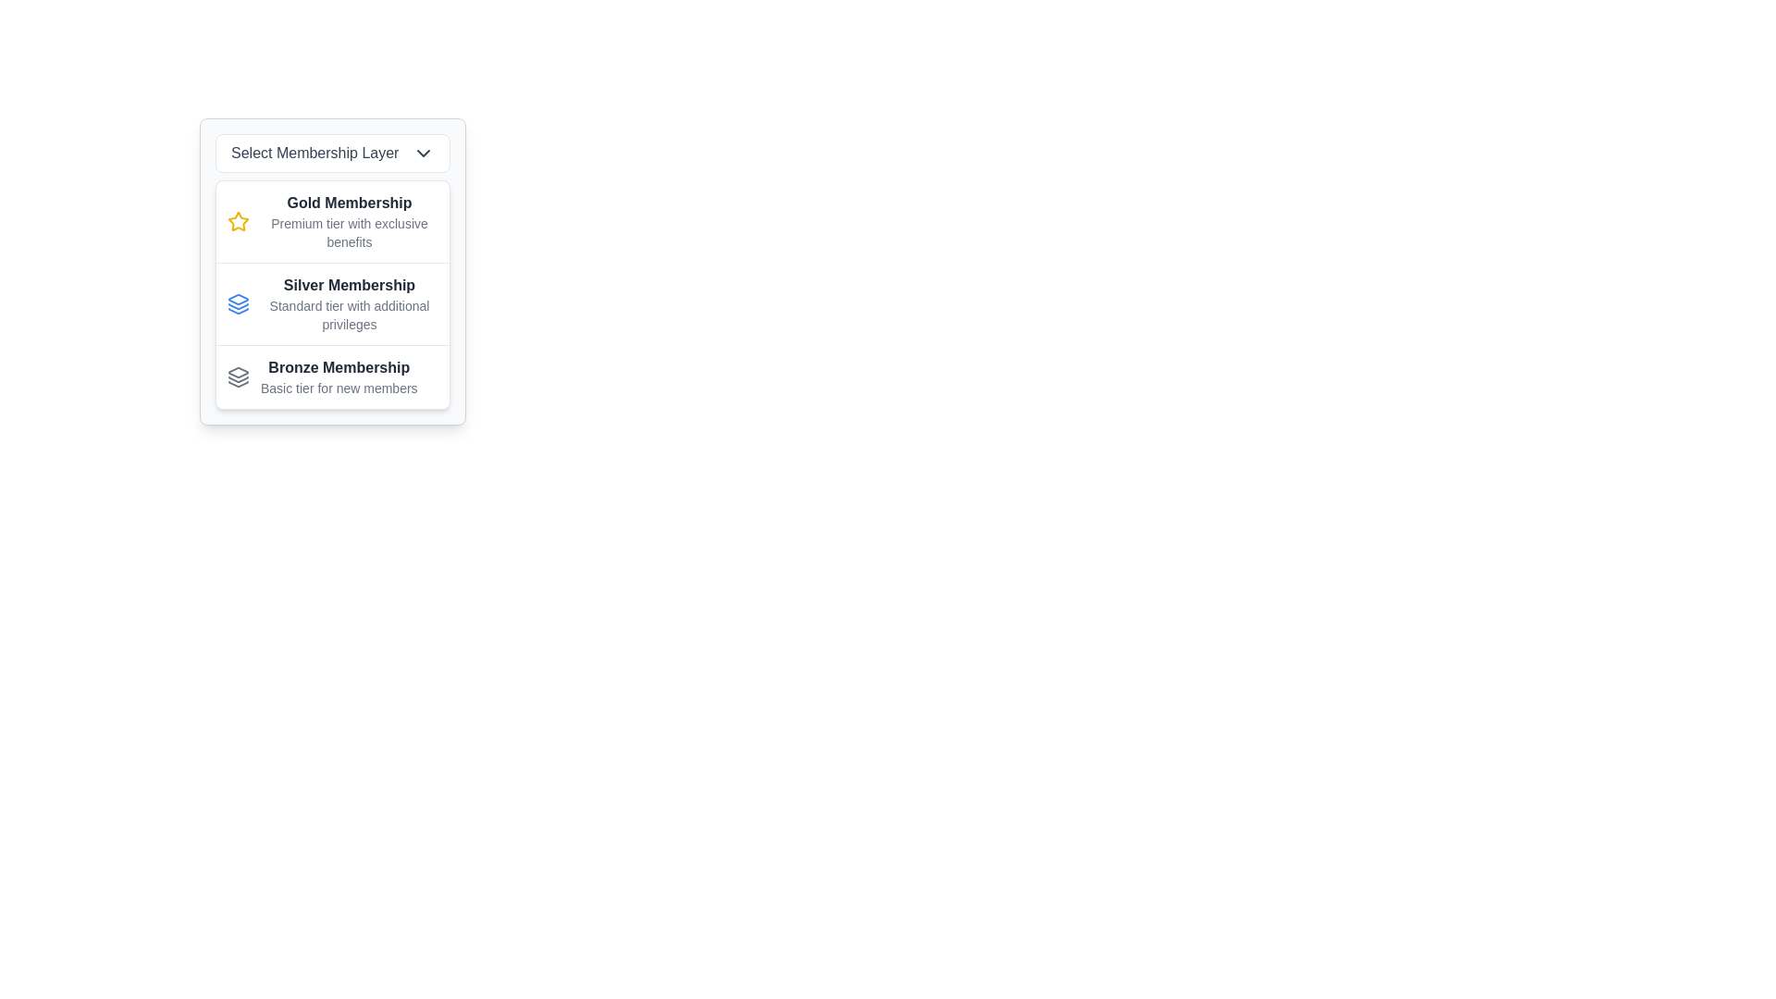 The image size is (1776, 999). I want to click on the descriptive text element providing details about the 'Bronze Membership' option, which is positioned below the title 'Bronze Membership' in the membership selection menu, so click(339, 388).